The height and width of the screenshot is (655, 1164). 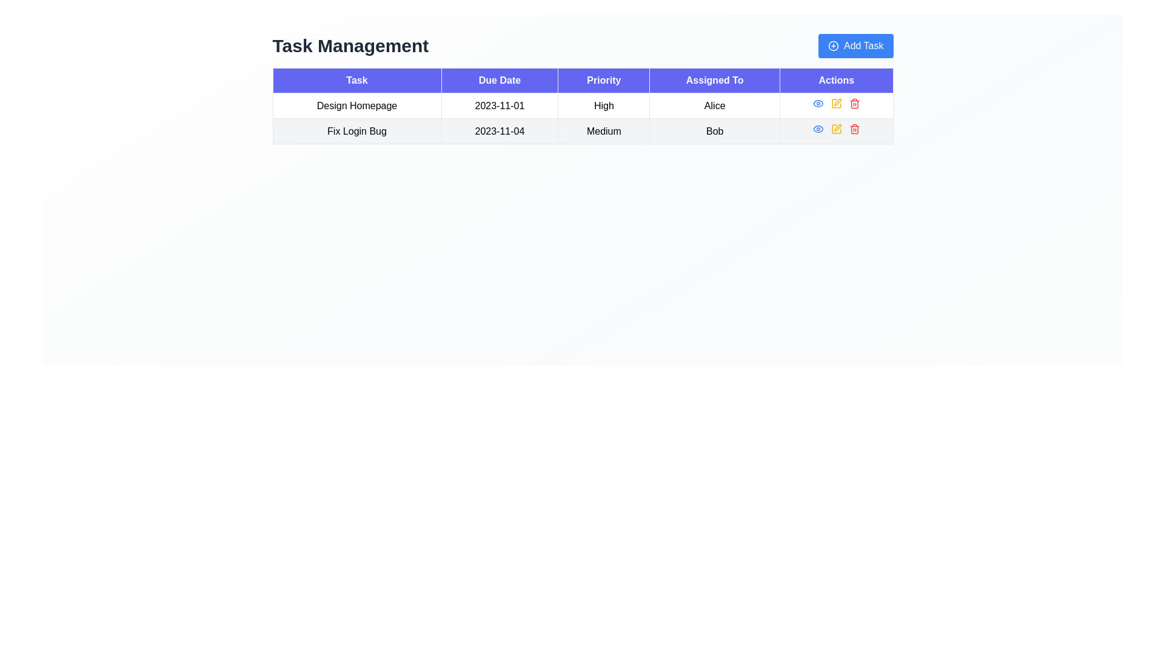 What do you see at coordinates (356, 105) in the screenshot?
I see `the text label displaying 'Design Homepage' located in the first cell of the first row under the 'Task' header in the table` at bounding box center [356, 105].